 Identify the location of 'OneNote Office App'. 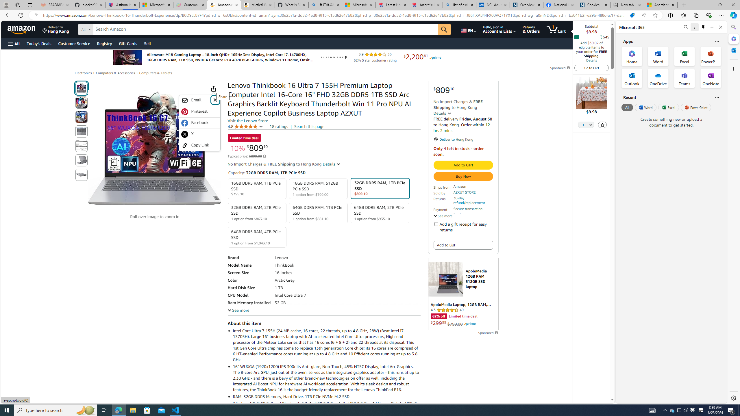
(711, 78).